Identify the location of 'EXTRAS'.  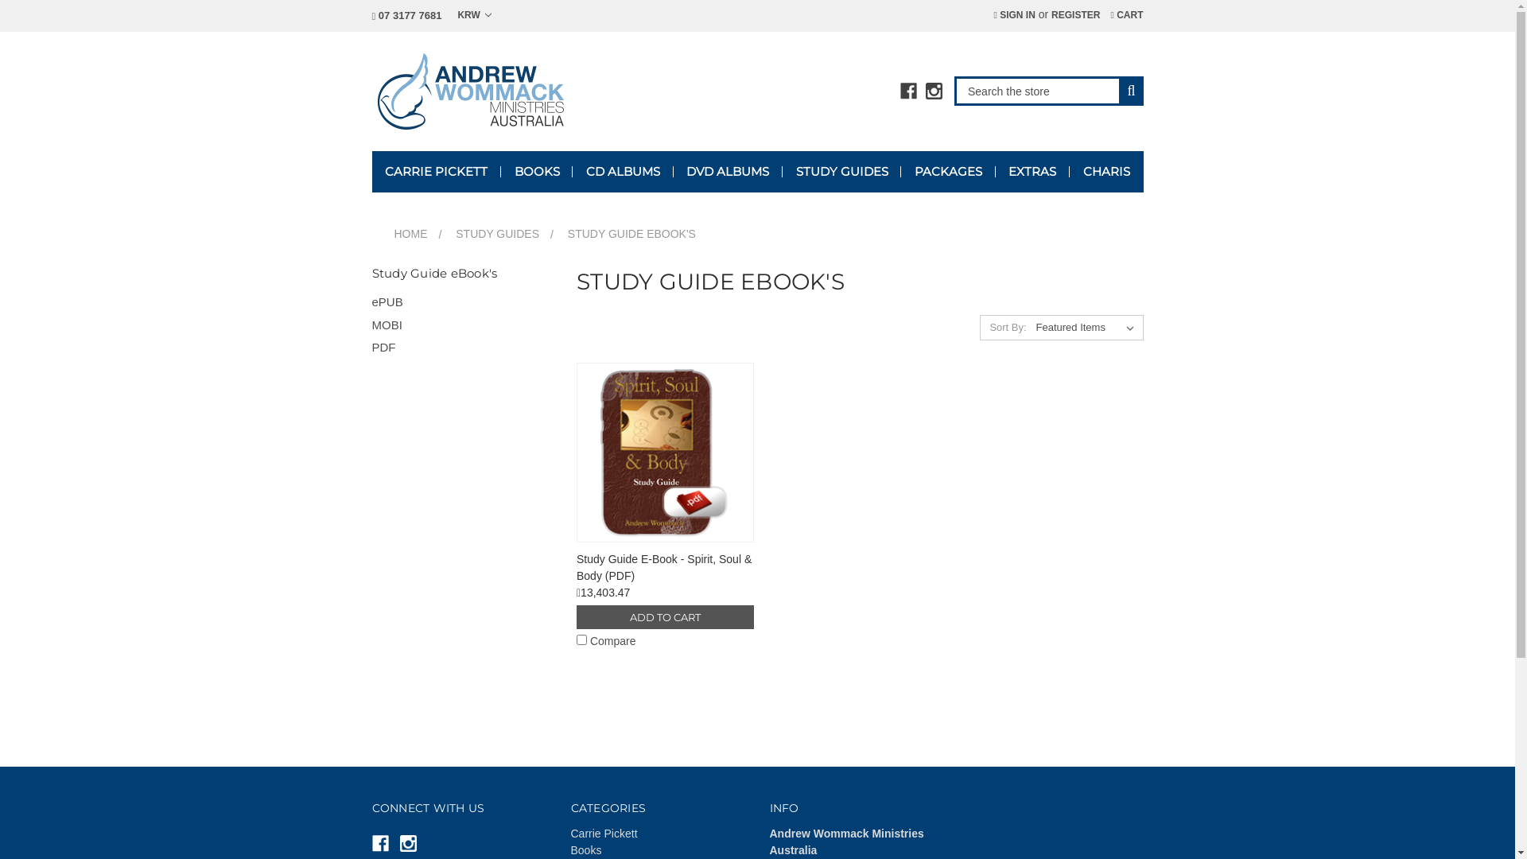
(1032, 172).